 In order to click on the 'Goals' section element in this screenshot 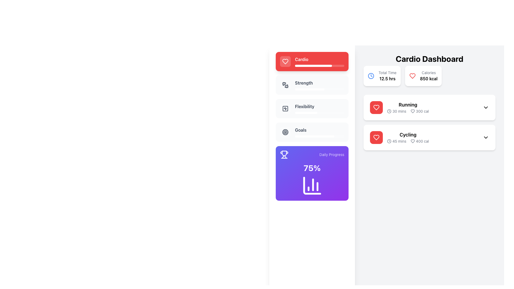, I will do `click(312, 132)`.